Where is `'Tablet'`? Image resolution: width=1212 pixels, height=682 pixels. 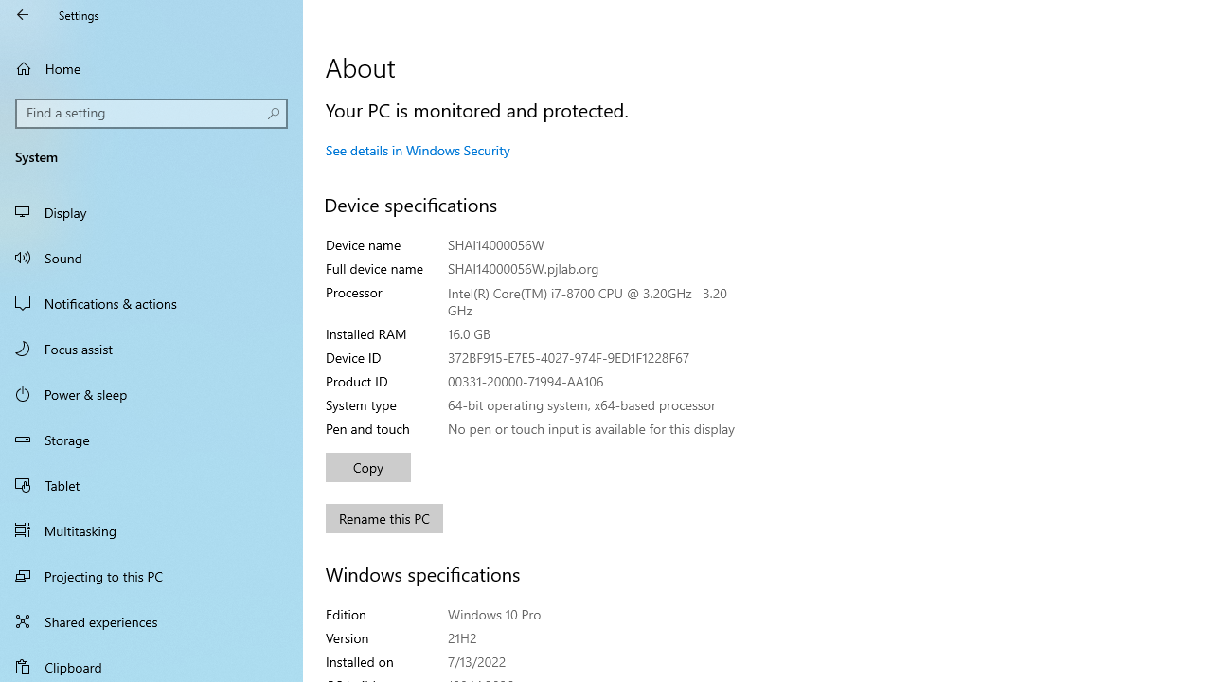 'Tablet' is located at coordinates (151, 483).